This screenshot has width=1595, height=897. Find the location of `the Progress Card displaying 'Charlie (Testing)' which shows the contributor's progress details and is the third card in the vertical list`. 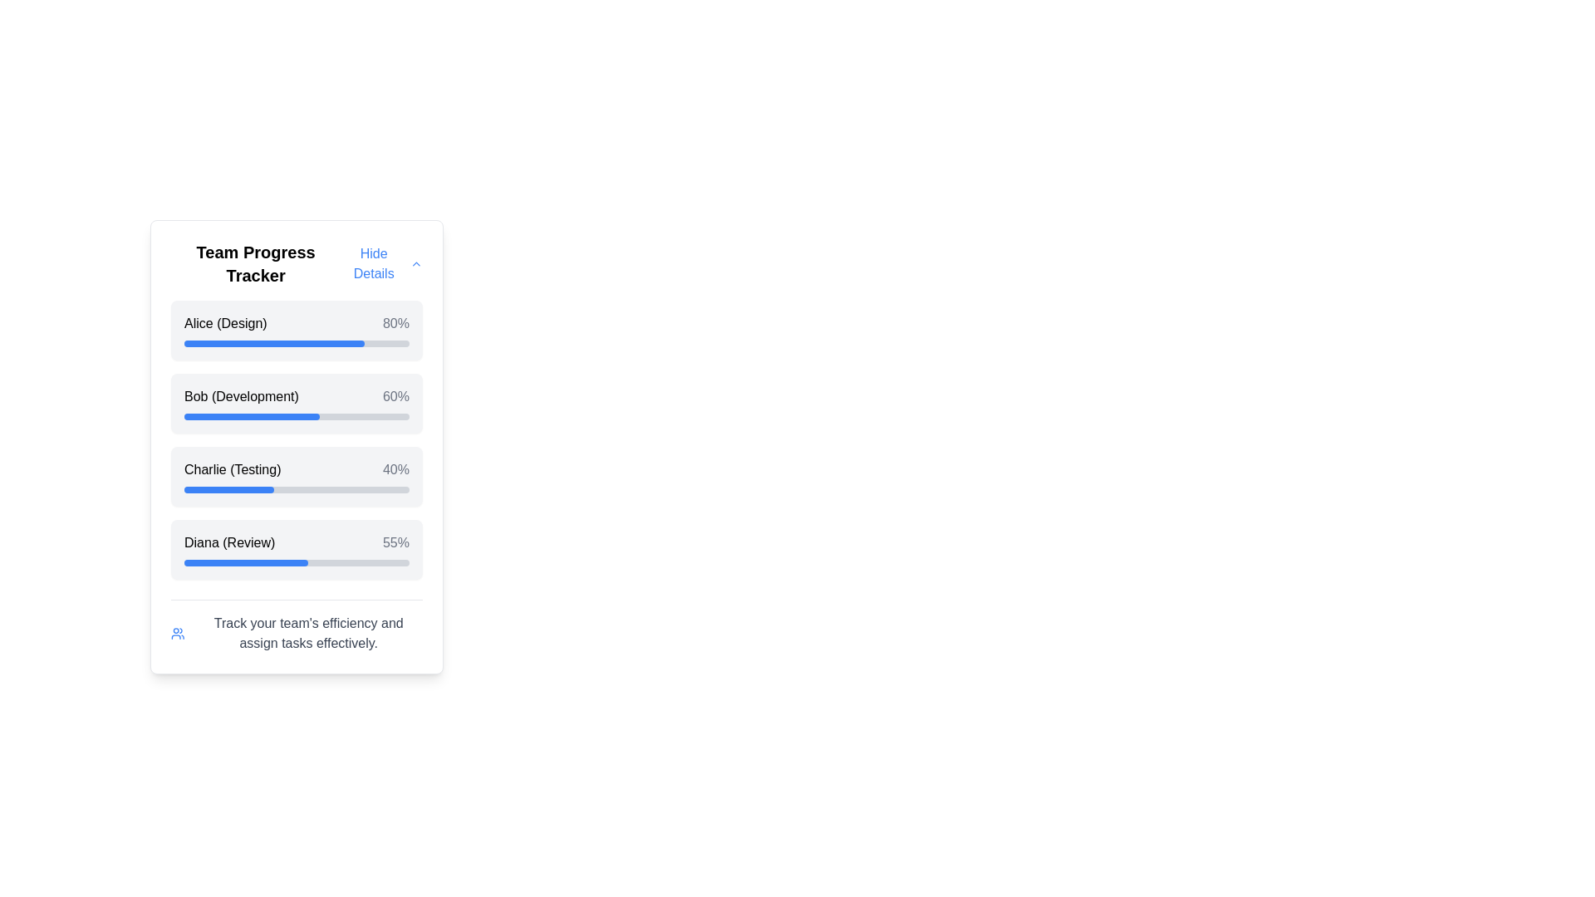

the Progress Card displaying 'Charlie (Testing)' which shows the contributor's progress details and is the third card in the vertical list is located at coordinates (297, 477).